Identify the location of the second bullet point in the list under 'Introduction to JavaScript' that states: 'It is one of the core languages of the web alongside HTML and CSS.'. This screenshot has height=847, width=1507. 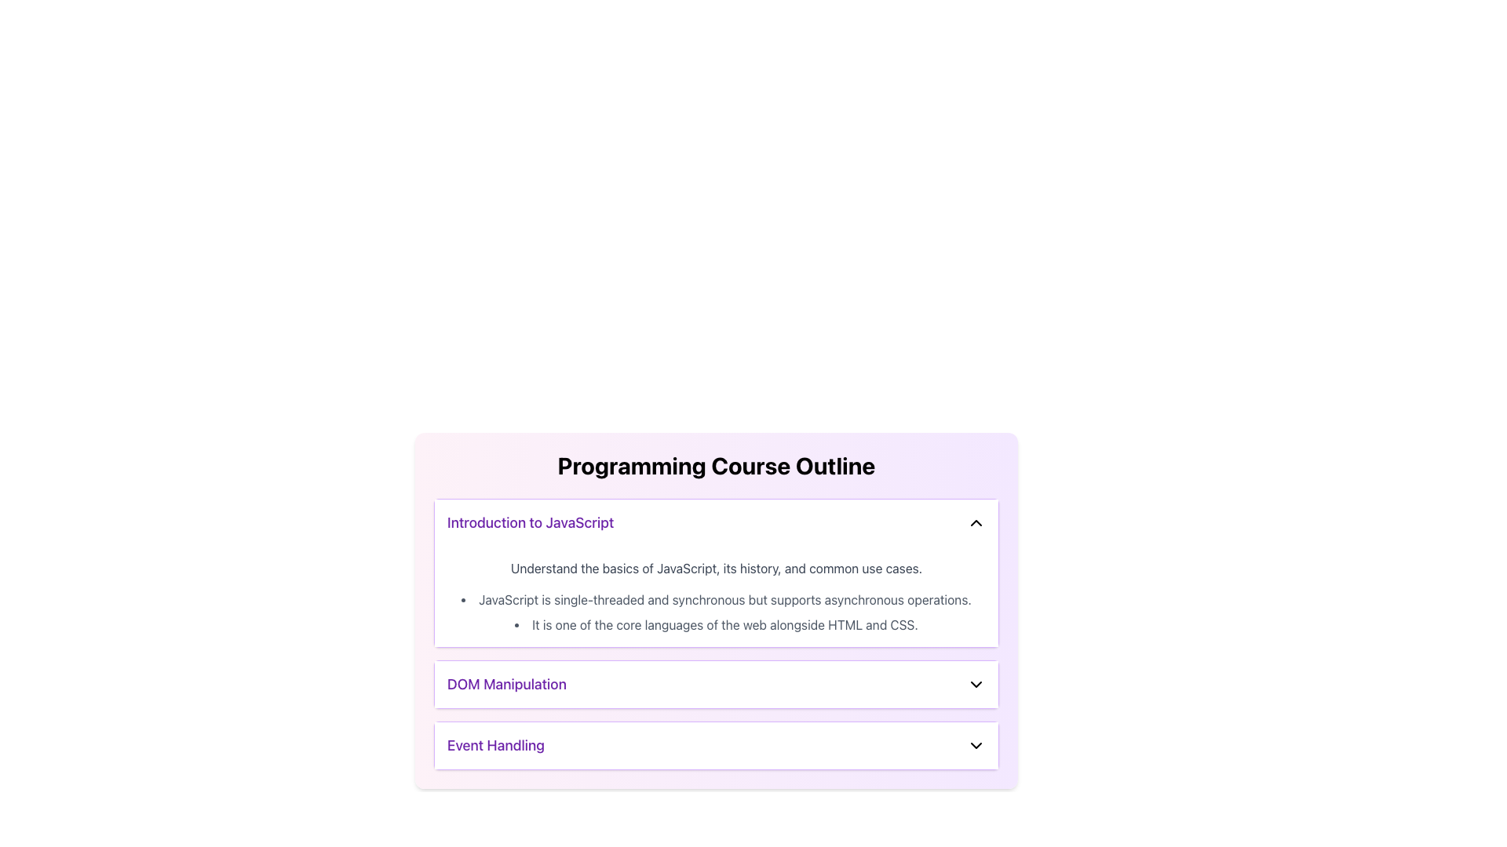
(715, 624).